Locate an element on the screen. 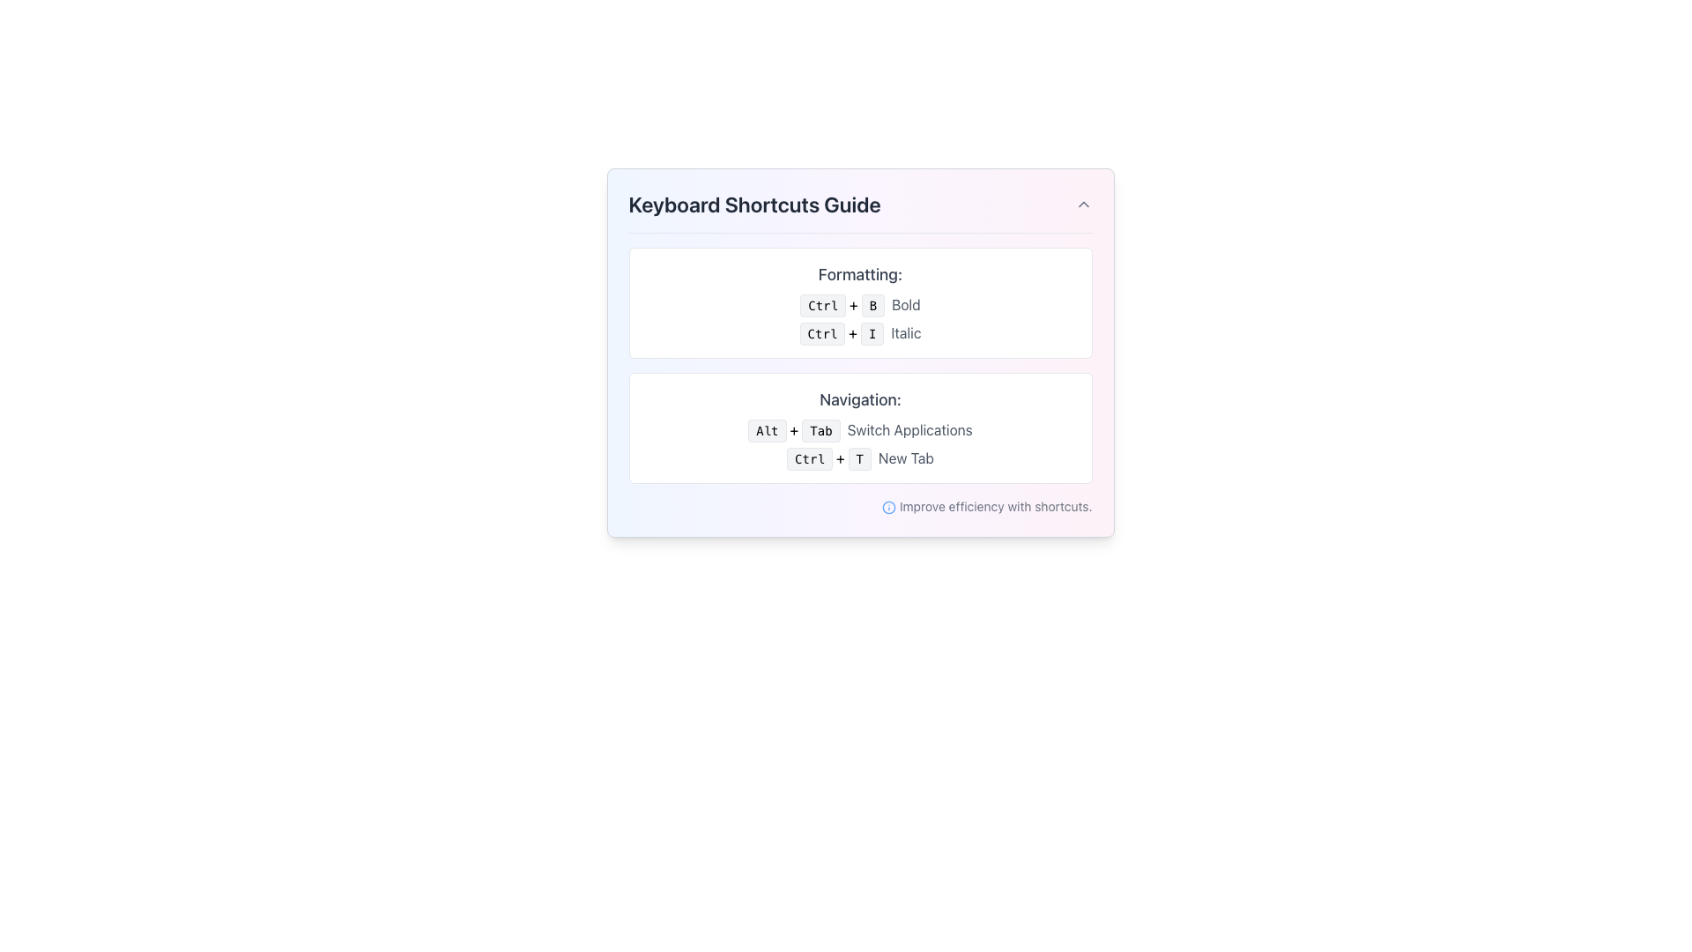  the non-interactive button labeled 'Tab' with a light gray background and rounded corners, positioned between the '+' button and the 'Switch Applications' text in the 'Navigation:' section is located at coordinates (820, 431).